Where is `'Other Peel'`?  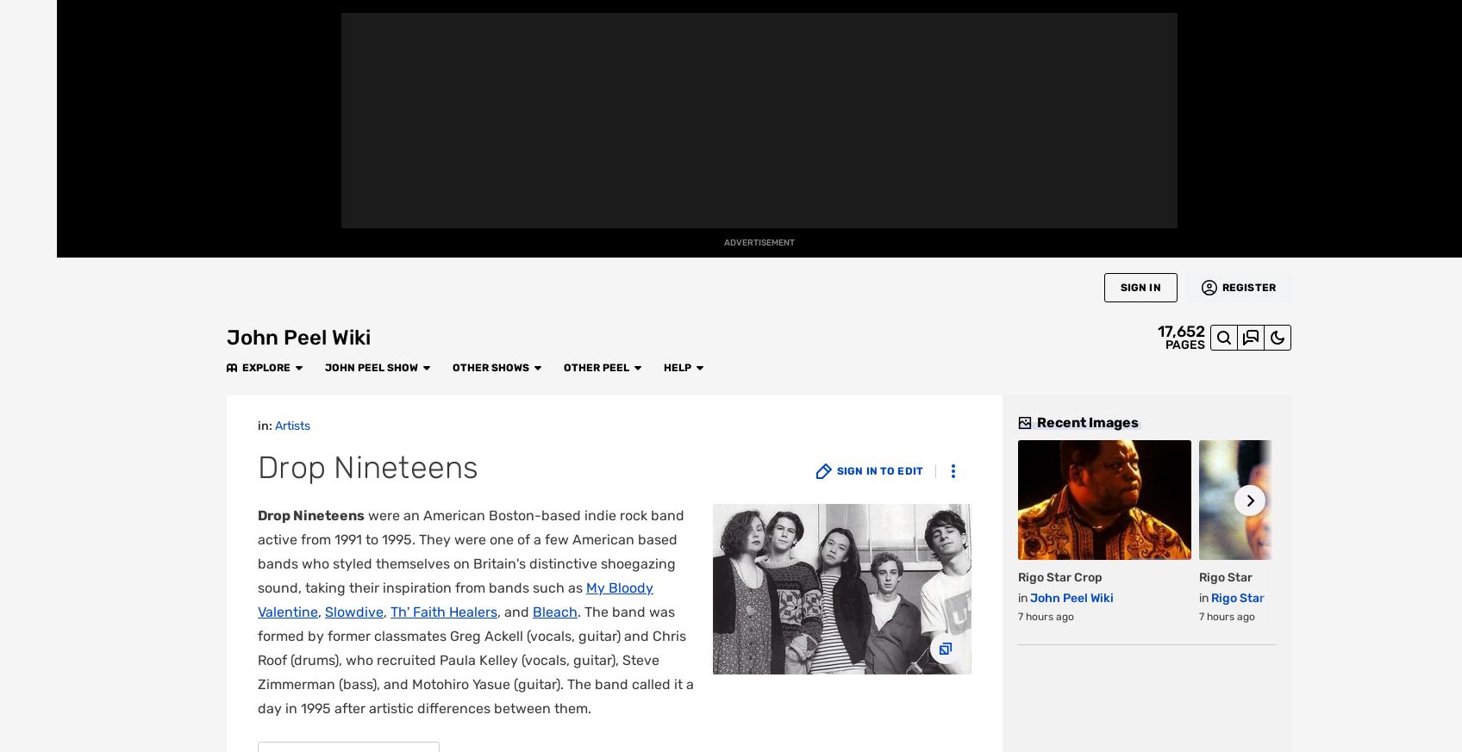
'Other Peel' is located at coordinates (556, 17).